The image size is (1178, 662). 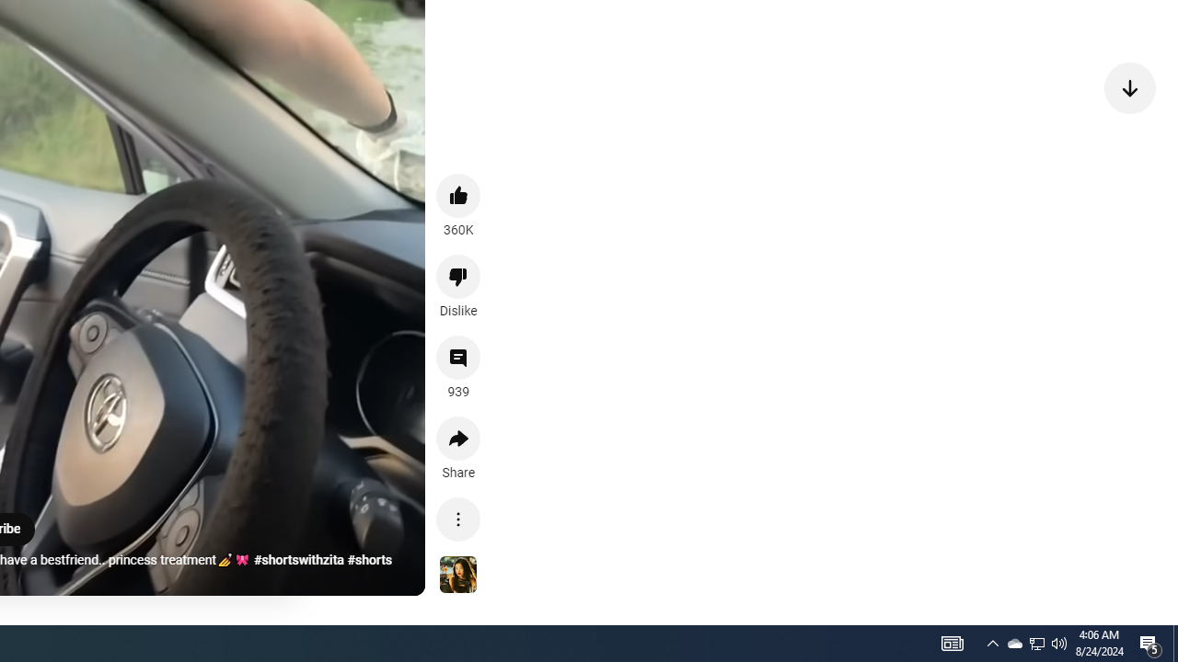 I want to click on 'Next video', so click(x=1129, y=87).